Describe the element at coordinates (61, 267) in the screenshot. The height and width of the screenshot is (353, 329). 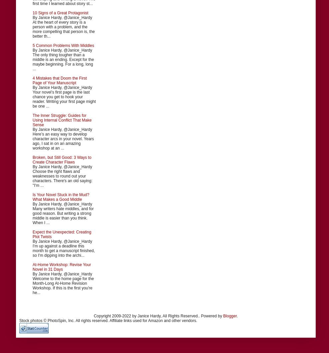
I see `'At-Home Workshop: Revise Your Novel in 31 Days'` at that location.